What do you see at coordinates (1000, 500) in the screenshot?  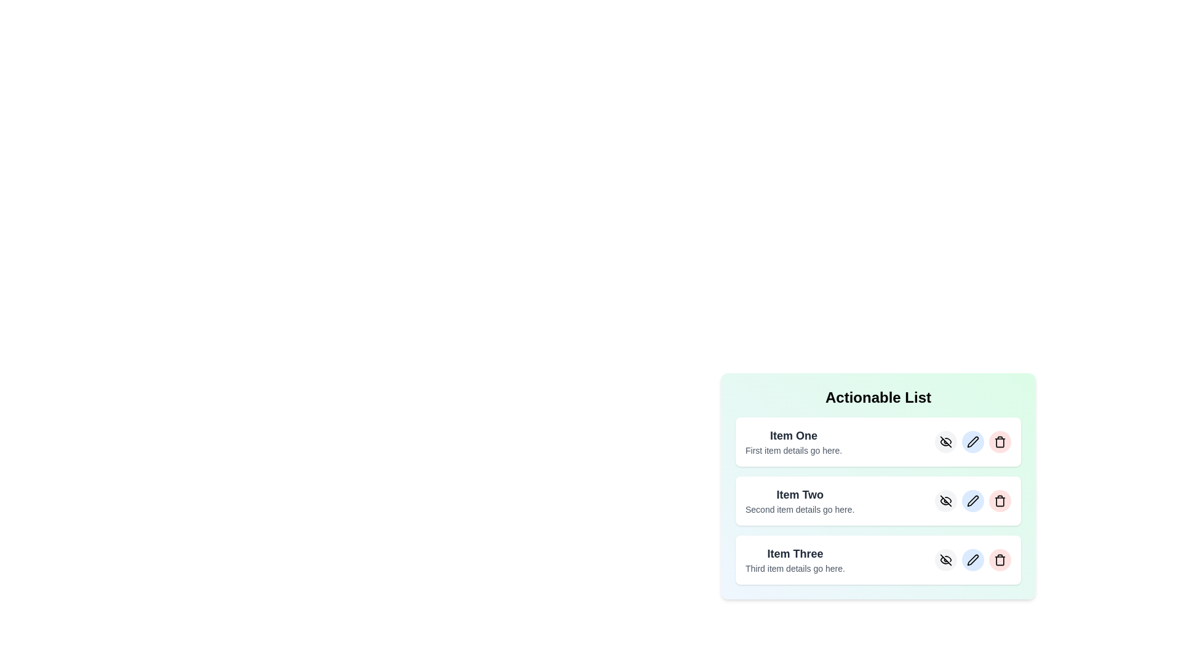 I see `the delete button for the item with title Item Two` at bounding box center [1000, 500].